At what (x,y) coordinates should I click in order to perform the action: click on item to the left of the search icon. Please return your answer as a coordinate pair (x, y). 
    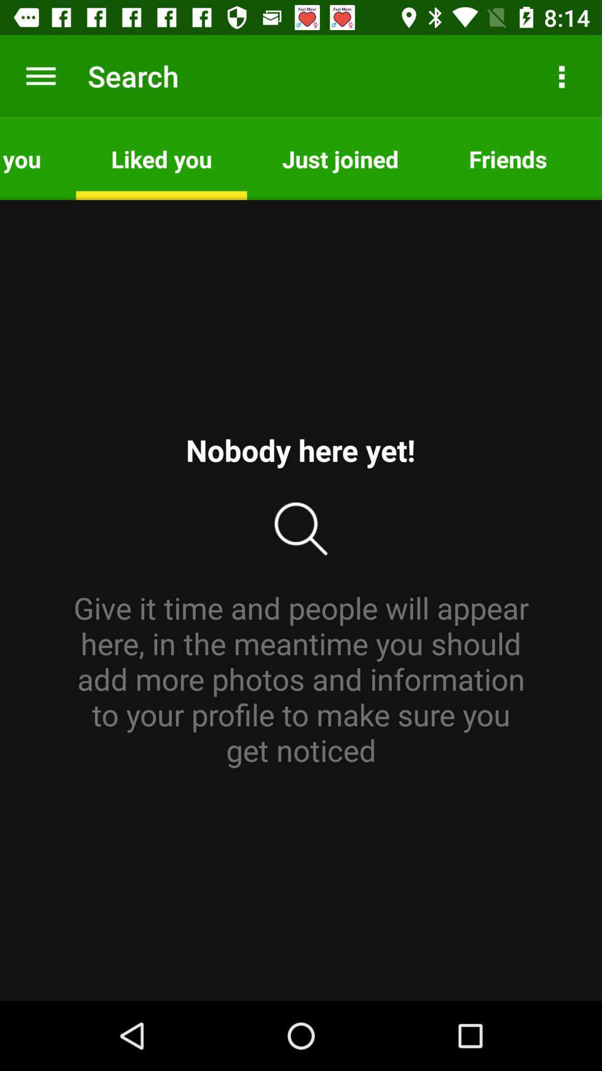
    Looking at the image, I should click on (40, 75).